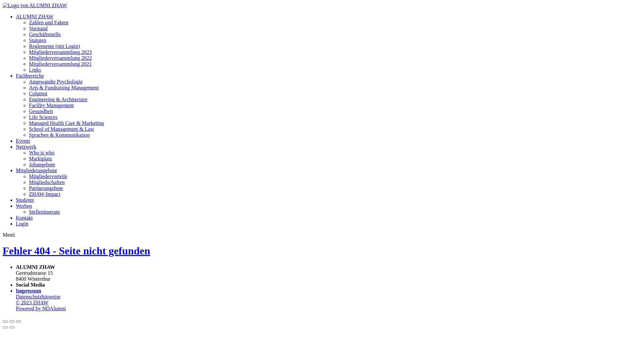 The width and height of the screenshot is (632, 355). Describe the element at coordinates (28, 81) in the screenshot. I see `'Angewandte Psychologie'` at that location.